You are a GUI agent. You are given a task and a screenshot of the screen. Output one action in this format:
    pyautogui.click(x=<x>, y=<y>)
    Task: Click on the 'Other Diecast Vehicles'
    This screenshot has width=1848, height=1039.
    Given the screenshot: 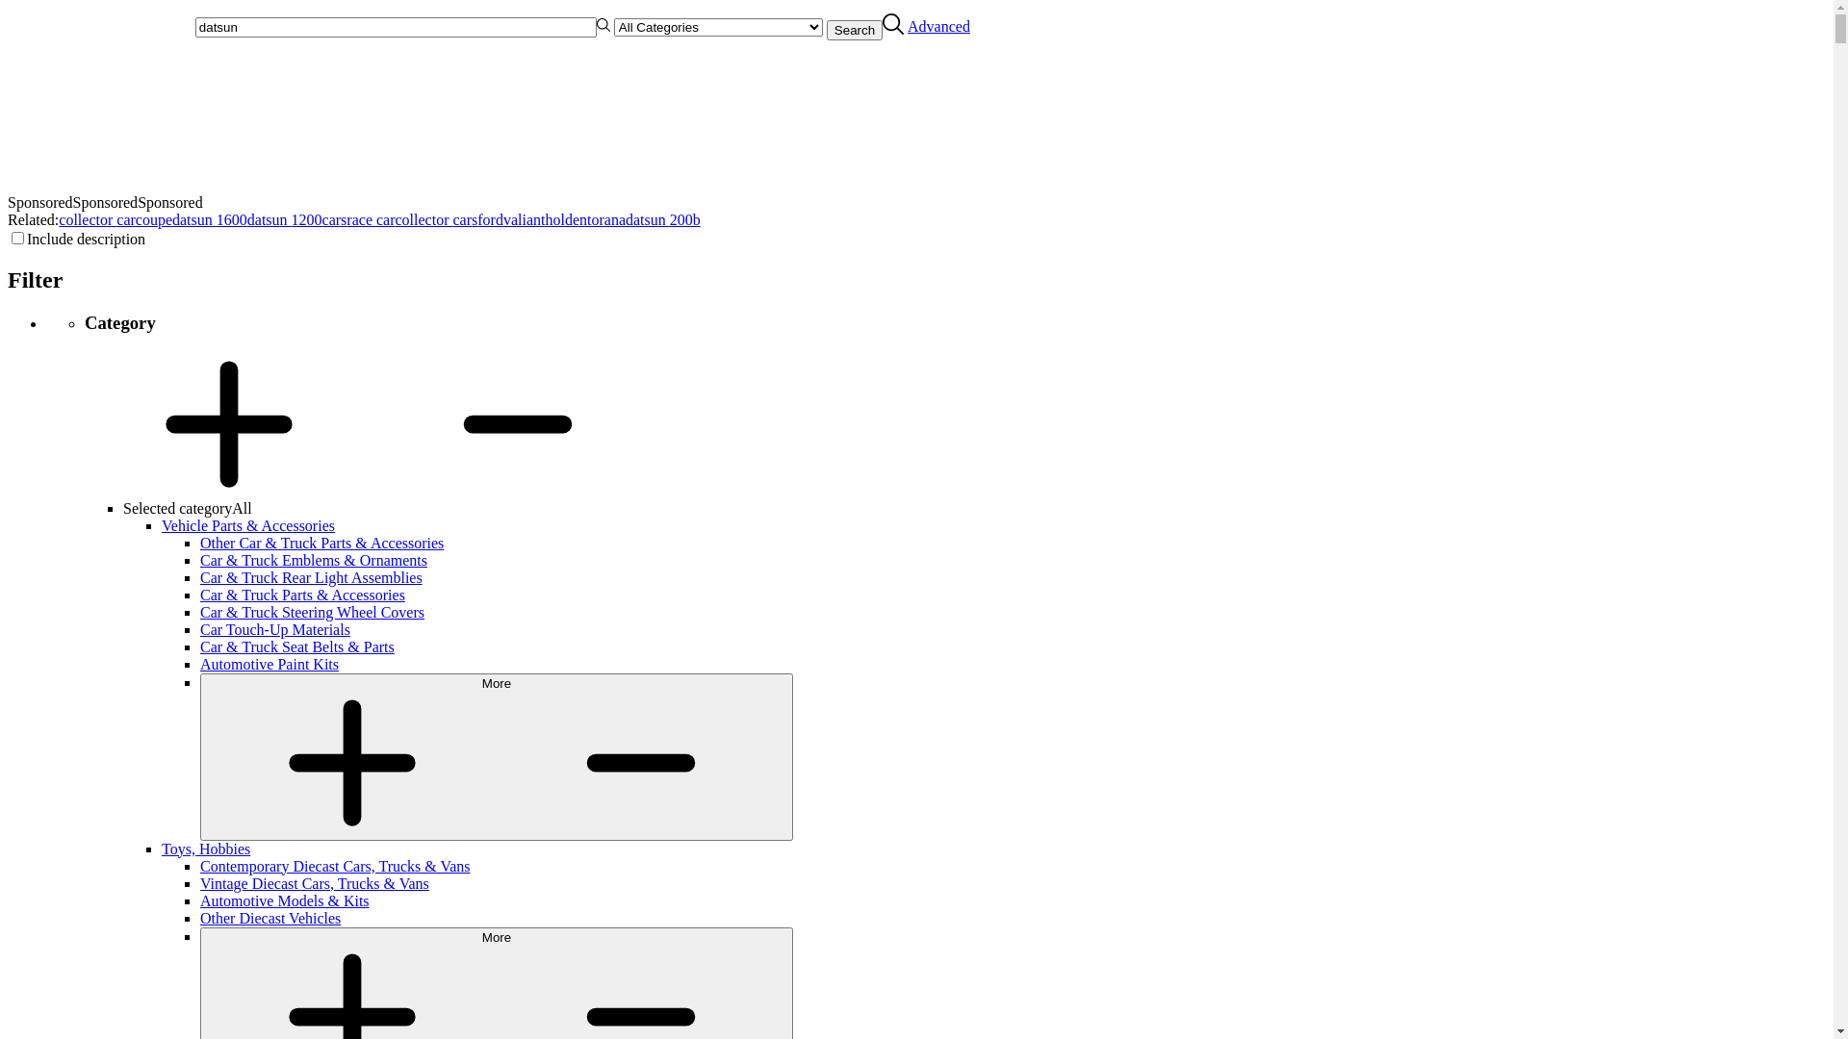 What is the action you would take?
    pyautogui.click(x=269, y=917)
    